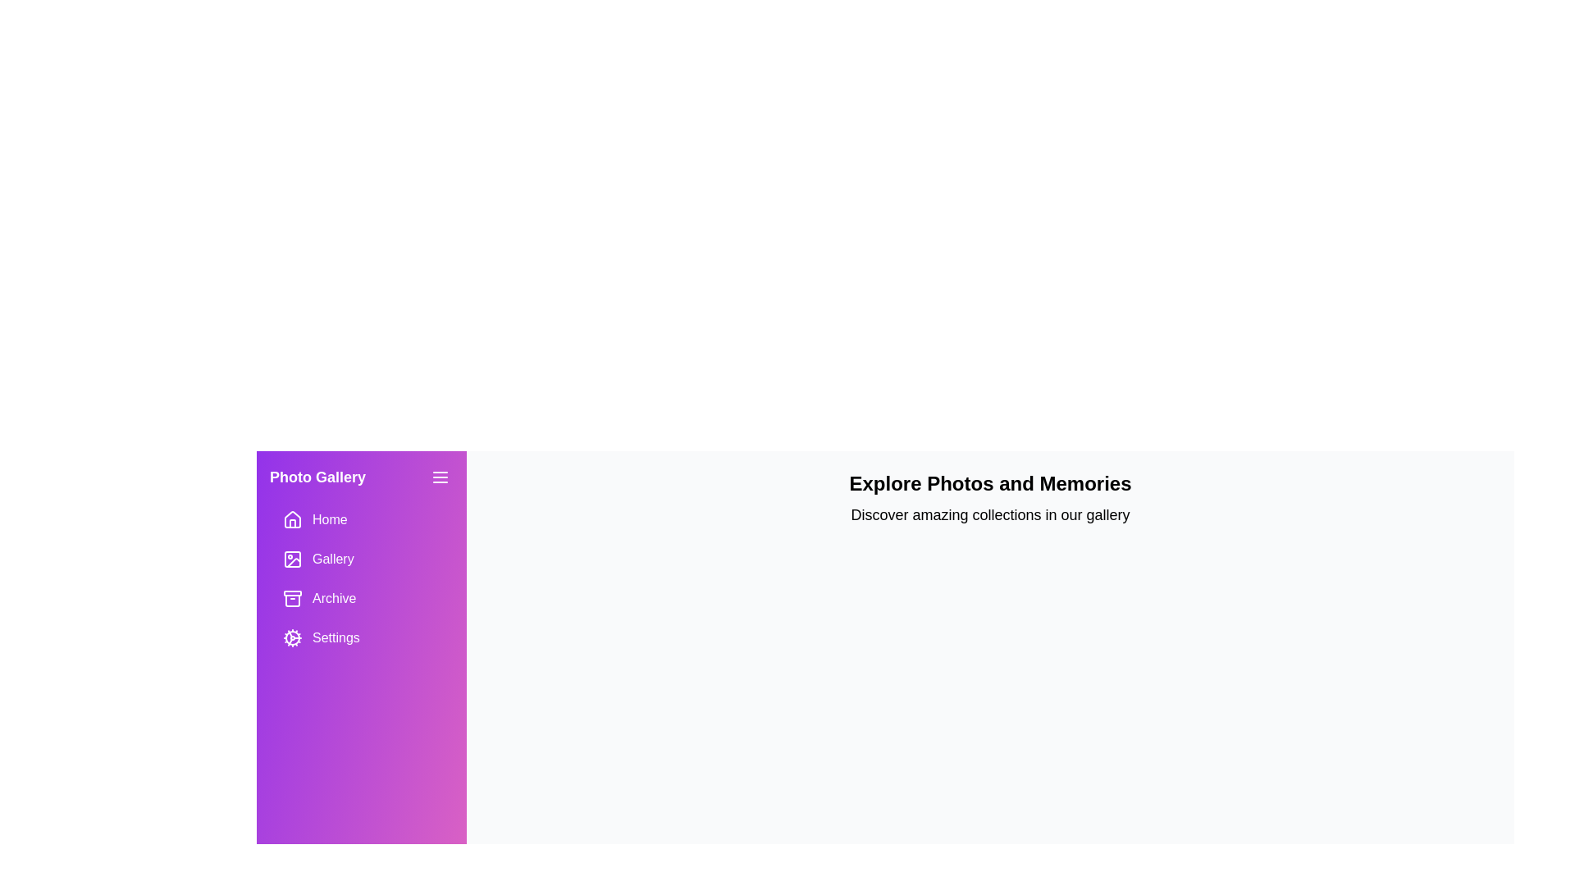 The image size is (1575, 886). What do you see at coordinates (361, 559) in the screenshot?
I see `the menu item Gallery to navigate to its corresponding section` at bounding box center [361, 559].